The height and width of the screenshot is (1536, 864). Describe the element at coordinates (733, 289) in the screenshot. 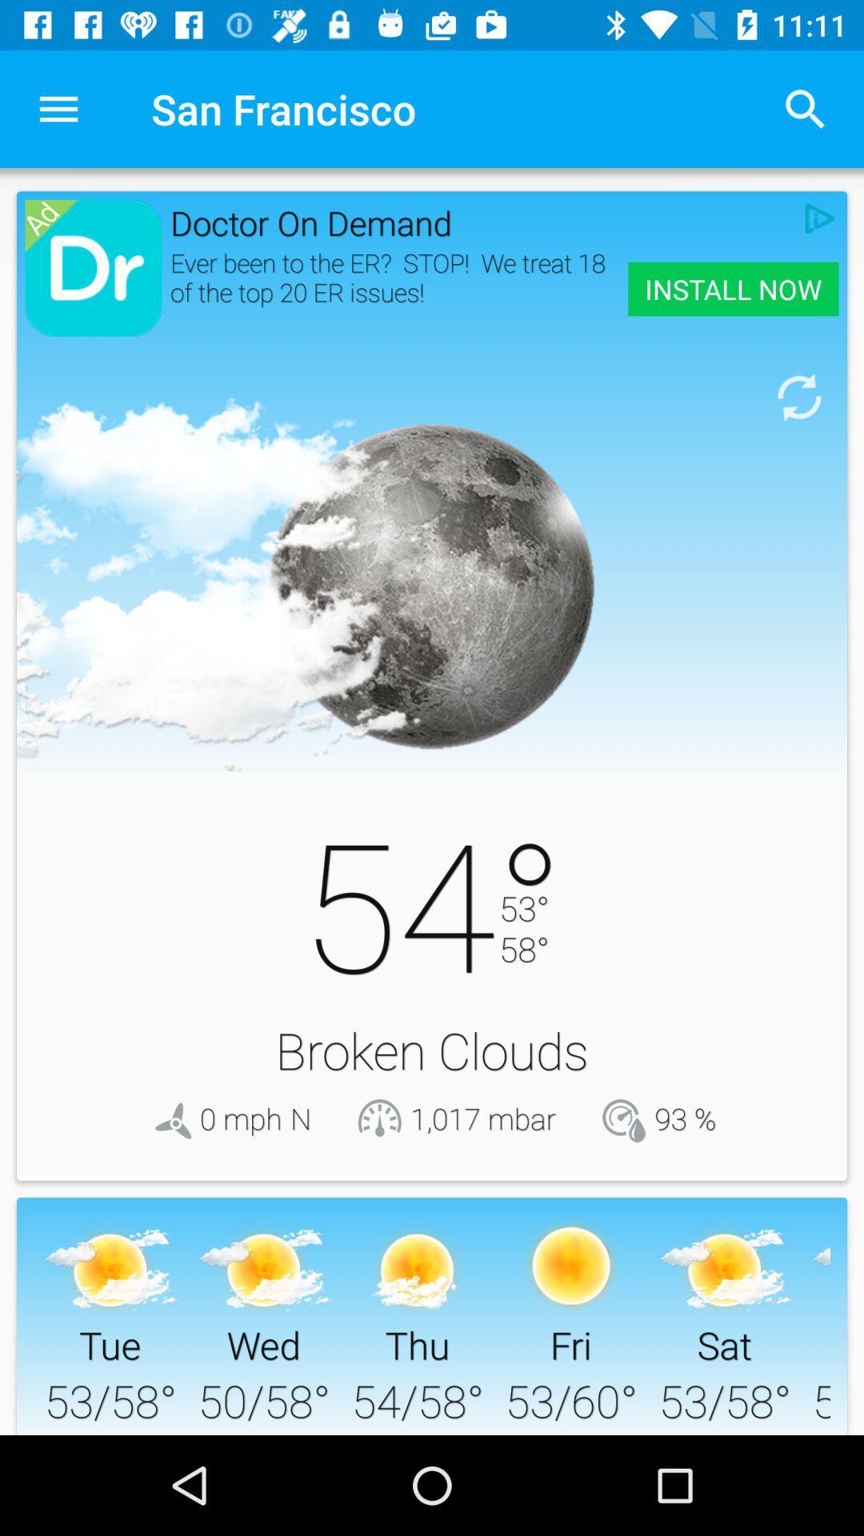

I see `the item next to ever been to icon` at that location.